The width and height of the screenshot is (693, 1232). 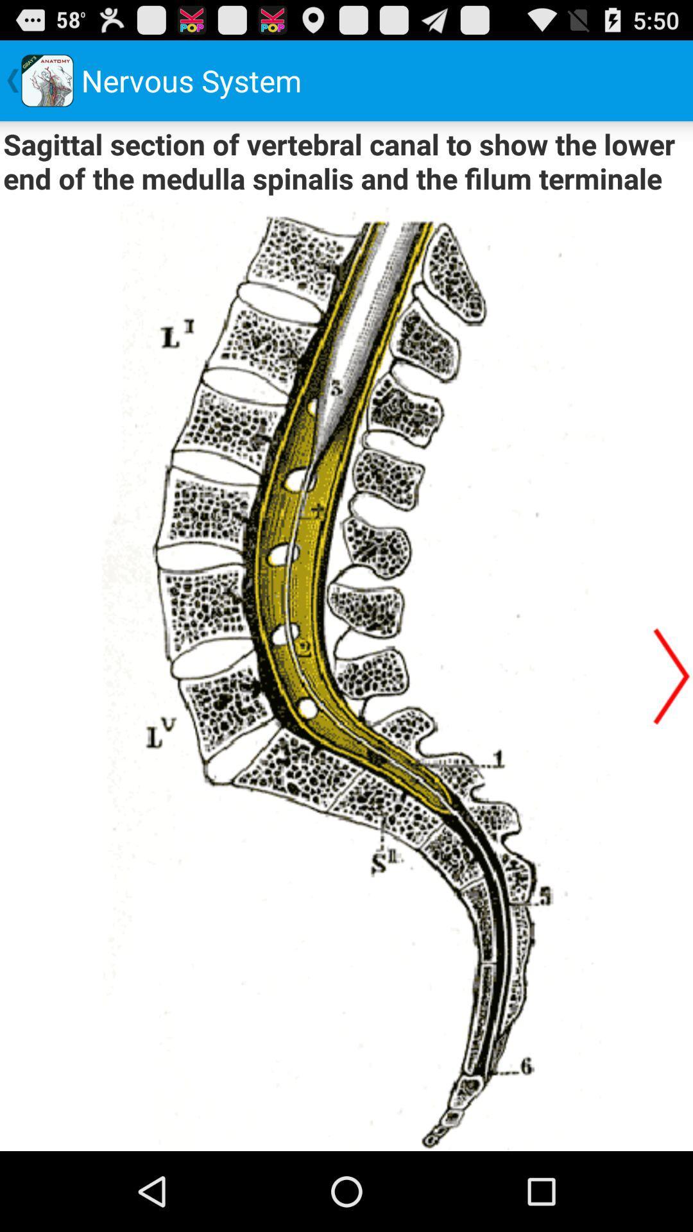 I want to click on next page, so click(x=671, y=675).